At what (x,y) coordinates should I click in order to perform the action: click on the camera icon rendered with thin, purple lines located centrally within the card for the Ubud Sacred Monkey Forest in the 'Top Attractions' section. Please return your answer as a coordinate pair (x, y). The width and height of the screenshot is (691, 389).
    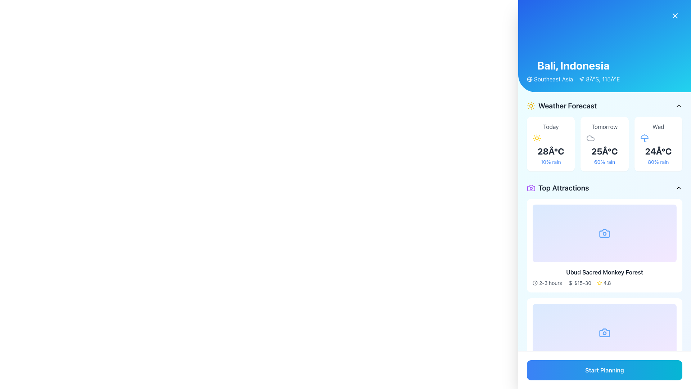
    Looking at the image, I should click on (531, 187).